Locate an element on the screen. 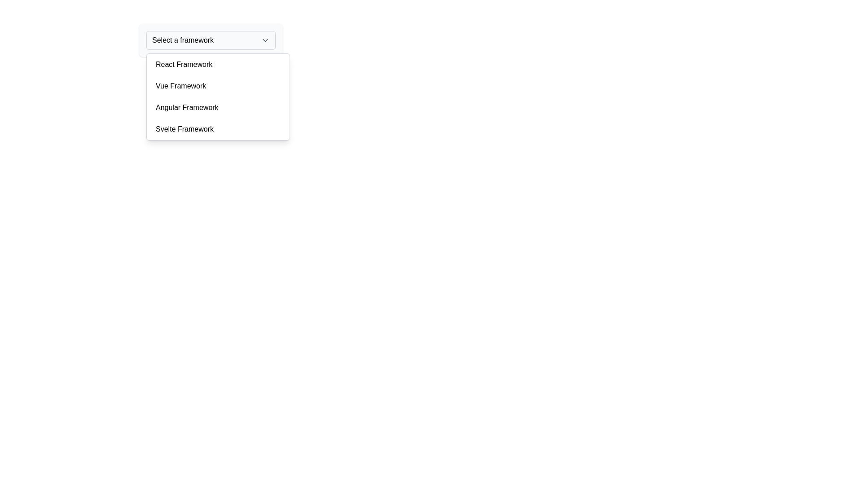  Text label located in the dropdown header section of the menu interface, which indicates the current selection or purpose of the dropdown menu is located at coordinates (182, 40).